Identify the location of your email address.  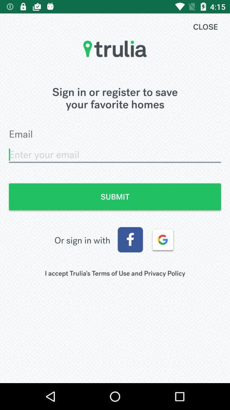
(115, 154).